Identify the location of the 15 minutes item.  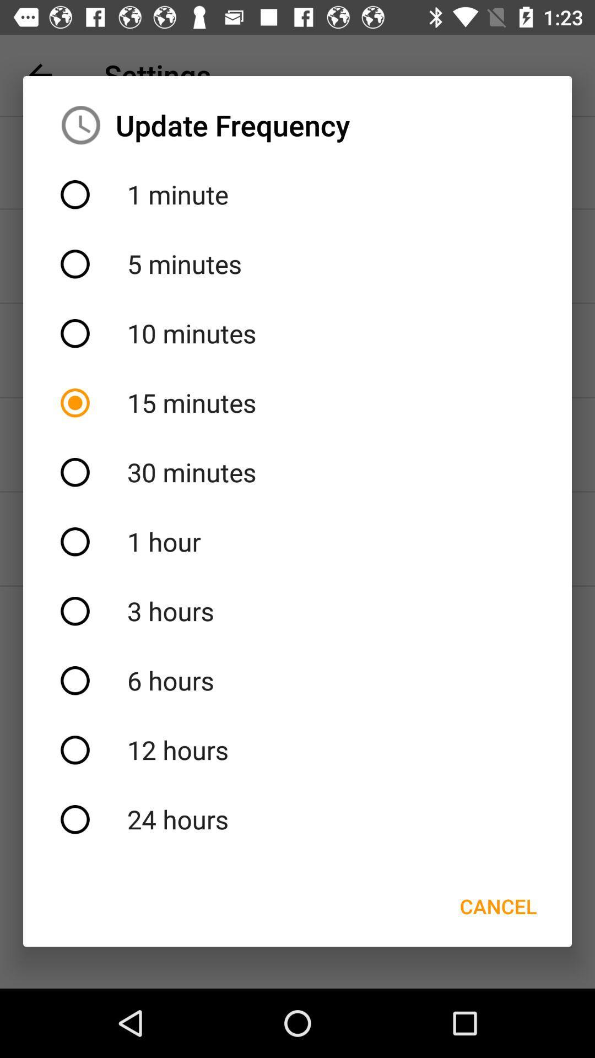
(297, 402).